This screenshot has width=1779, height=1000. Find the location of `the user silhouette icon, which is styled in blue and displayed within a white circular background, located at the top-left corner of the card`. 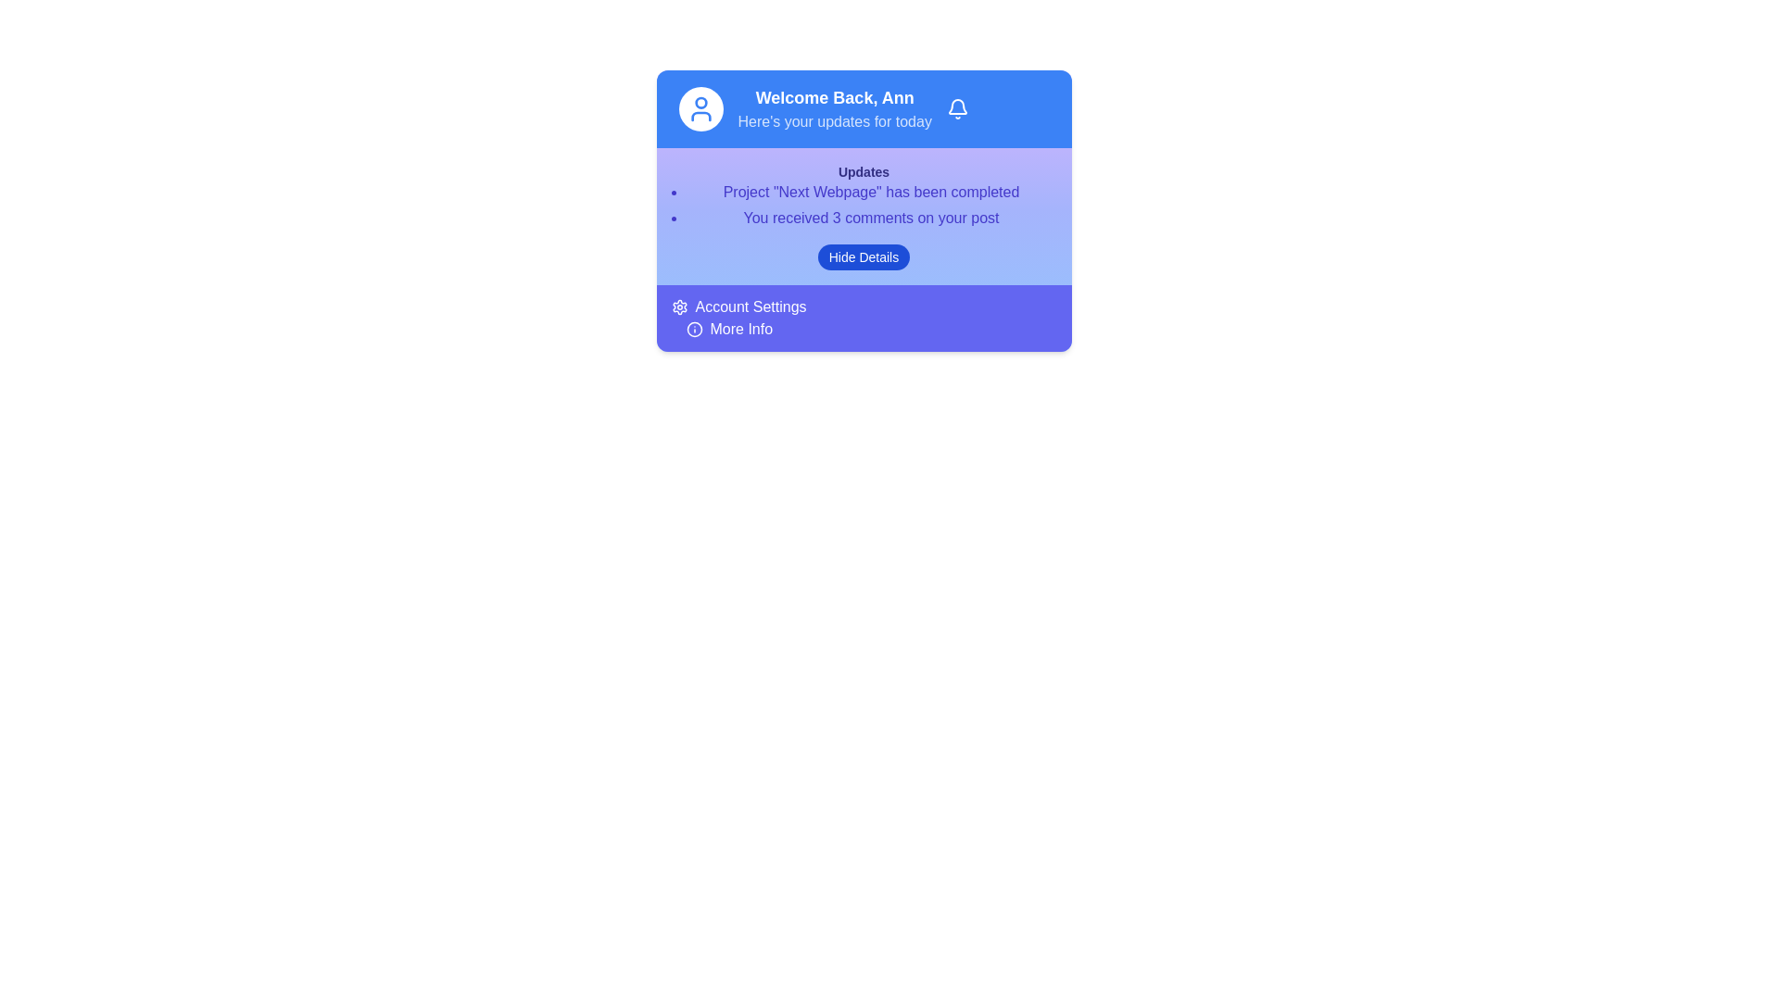

the user silhouette icon, which is styled in blue and displayed within a white circular background, located at the top-left corner of the card is located at coordinates (700, 109).